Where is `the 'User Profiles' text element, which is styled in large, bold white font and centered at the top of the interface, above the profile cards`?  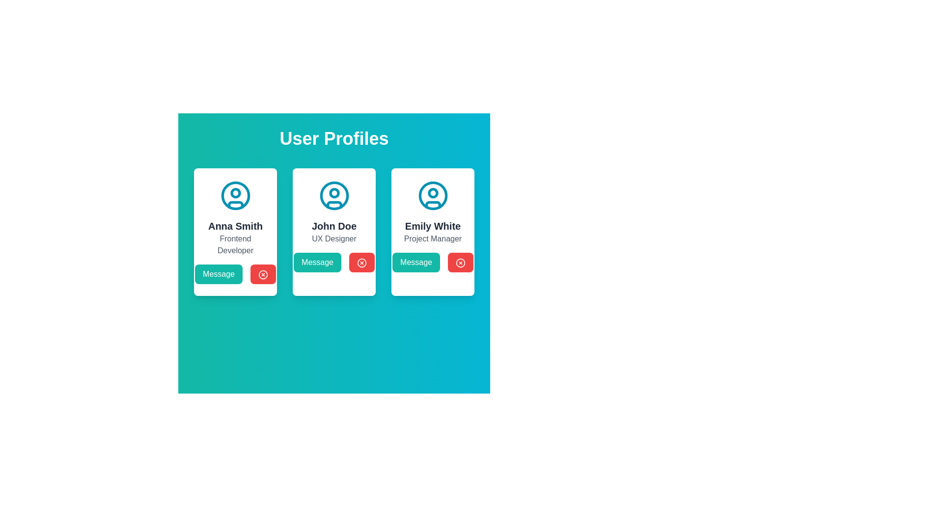
the 'User Profiles' text element, which is styled in large, bold white font and centered at the top of the interface, above the profile cards is located at coordinates (334, 138).